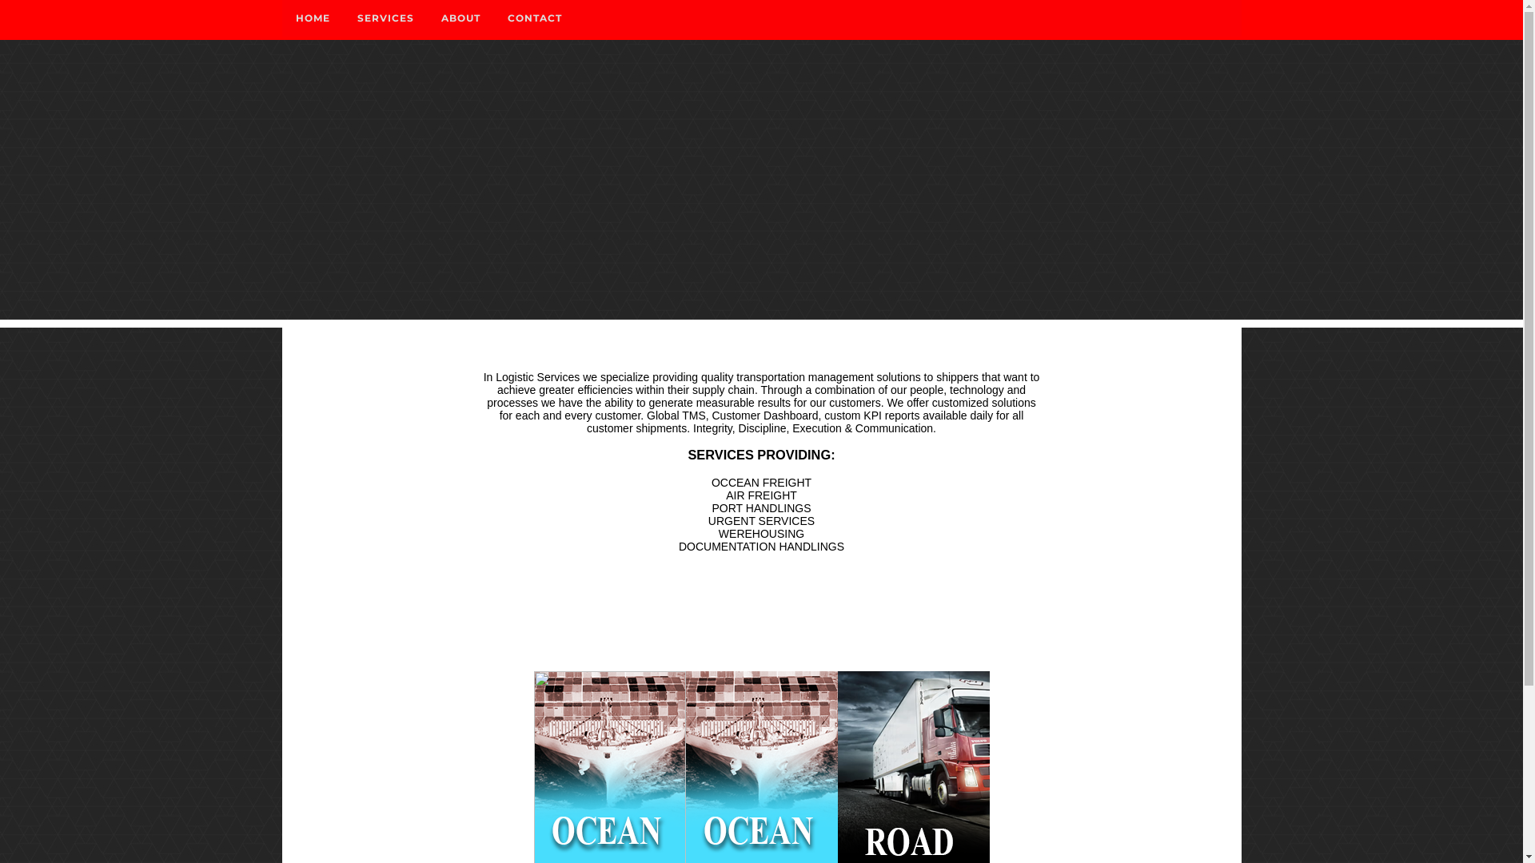  What do you see at coordinates (385, 18) in the screenshot?
I see `'SERVICES'` at bounding box center [385, 18].